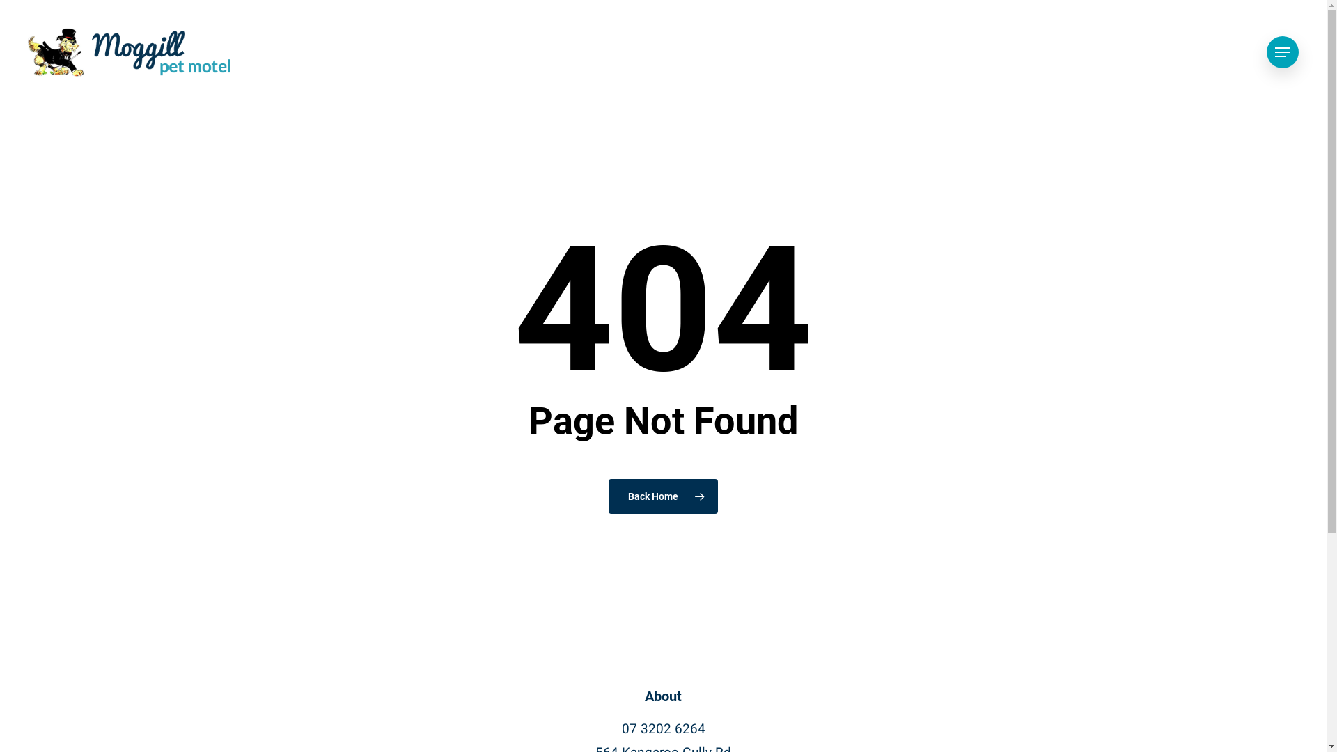 This screenshot has height=752, width=1337. I want to click on 'Back Home', so click(662, 496).